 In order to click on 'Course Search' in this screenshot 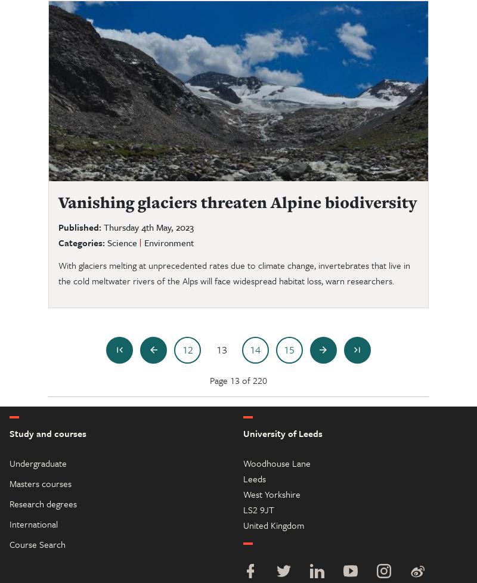, I will do `click(37, 542)`.